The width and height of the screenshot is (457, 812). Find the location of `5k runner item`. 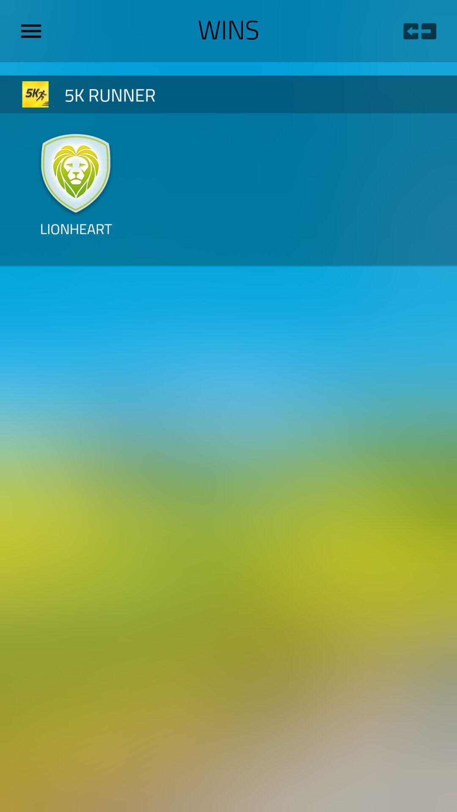

5k runner item is located at coordinates (187, 94).